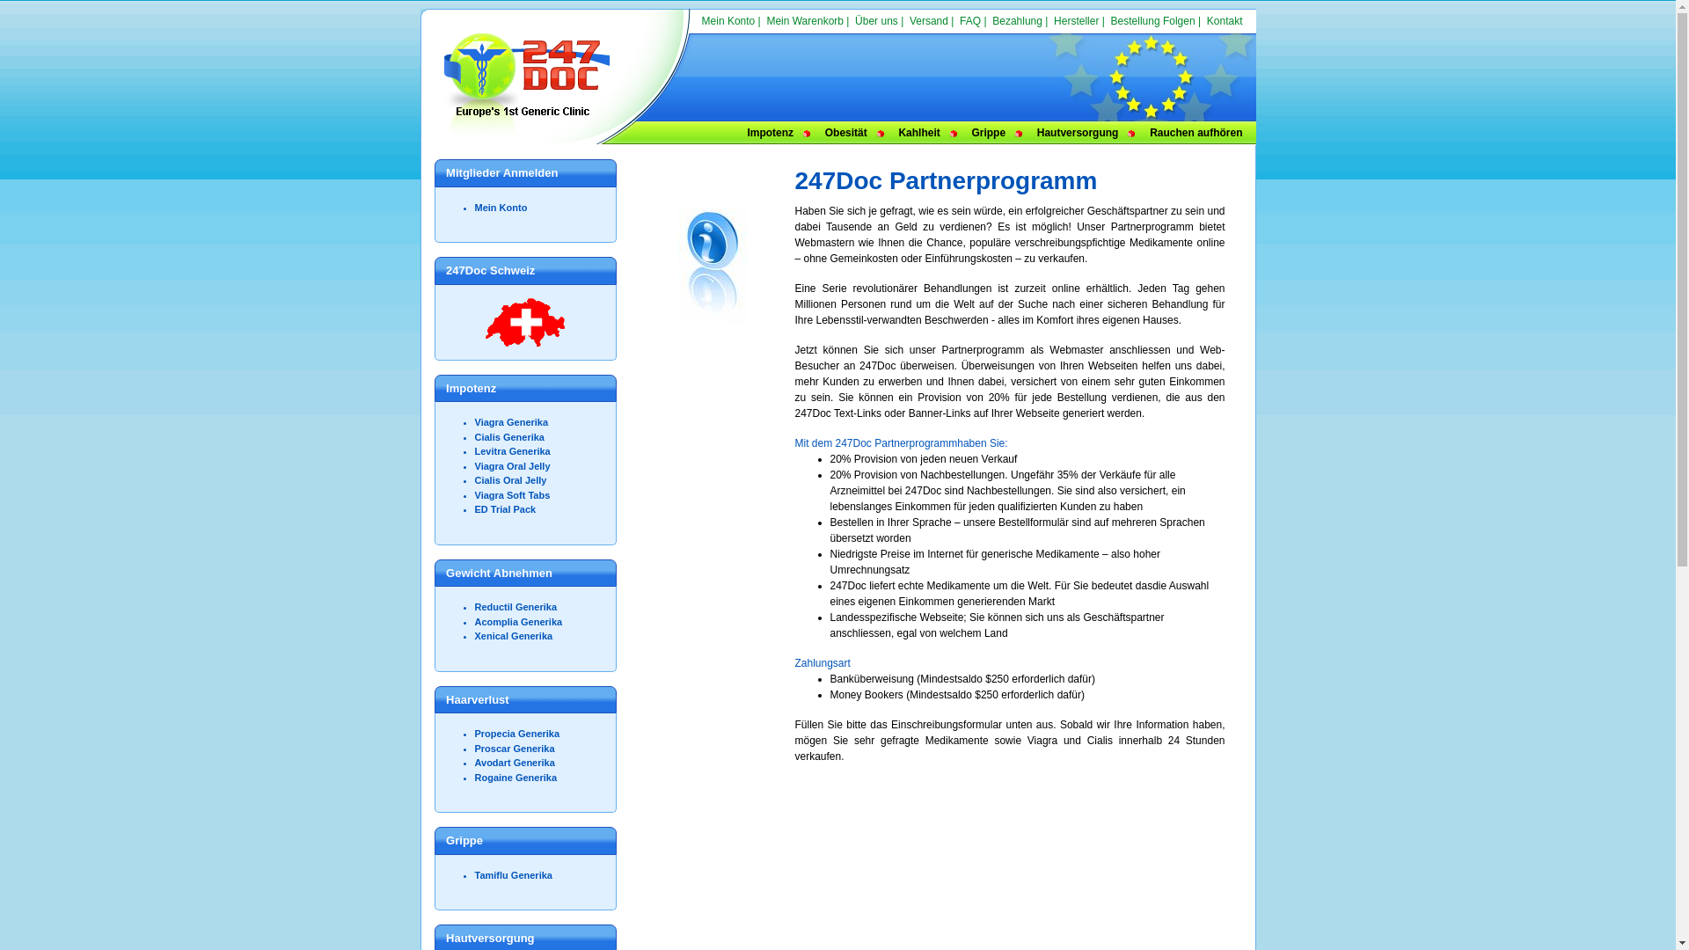 The height and width of the screenshot is (950, 1689). What do you see at coordinates (969, 20) in the screenshot?
I see `'FAQ'` at bounding box center [969, 20].